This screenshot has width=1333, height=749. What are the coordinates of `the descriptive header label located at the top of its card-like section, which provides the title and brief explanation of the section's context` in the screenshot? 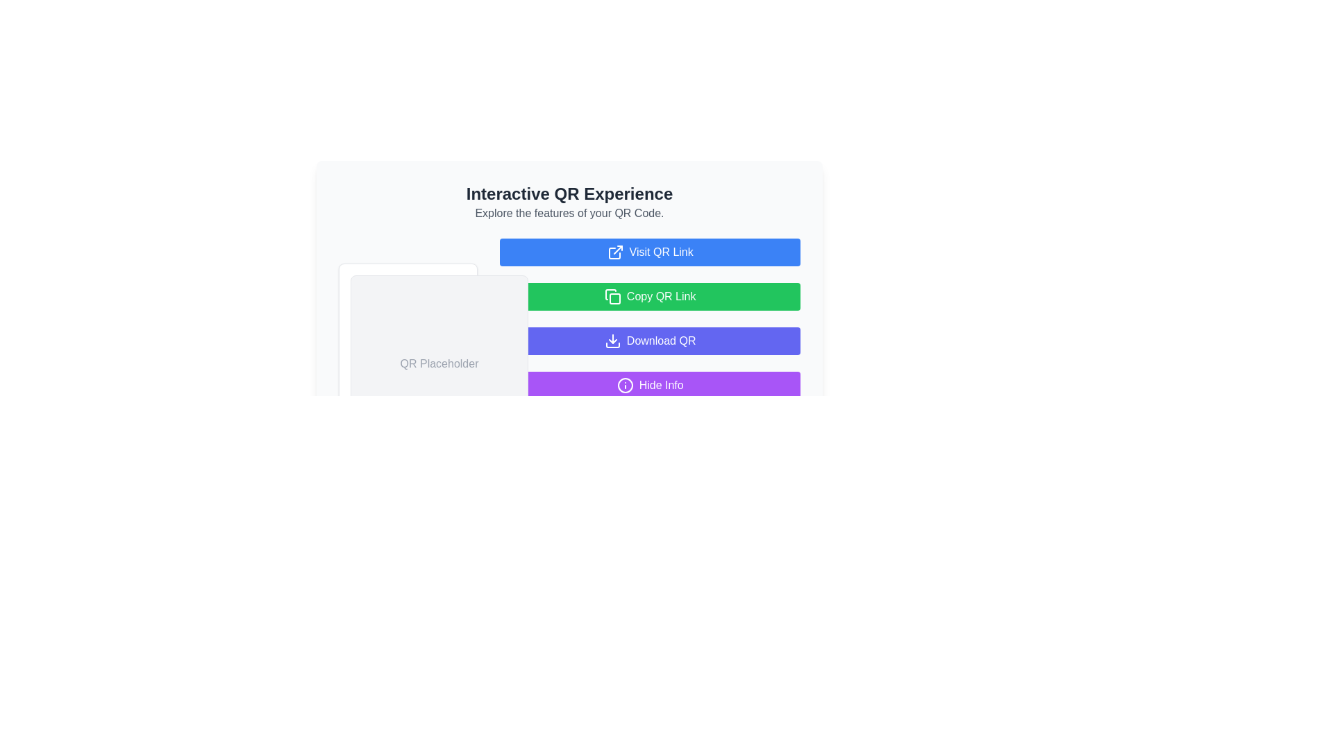 It's located at (569, 203).